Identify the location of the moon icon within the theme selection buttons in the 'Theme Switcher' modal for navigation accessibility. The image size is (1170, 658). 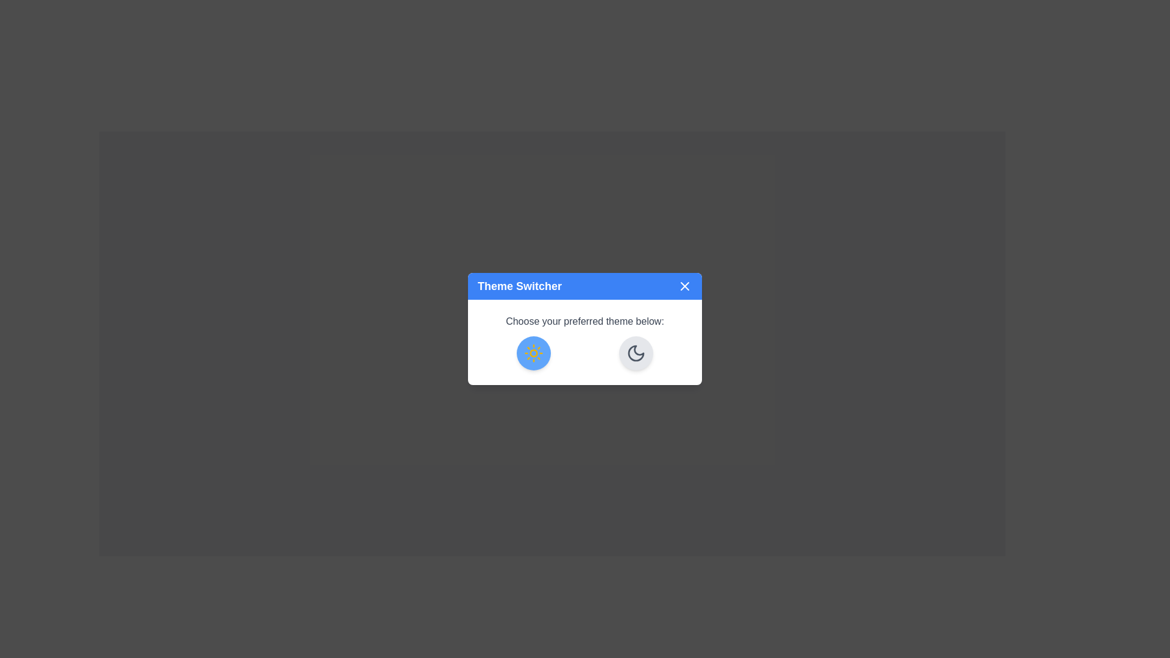
(635, 353).